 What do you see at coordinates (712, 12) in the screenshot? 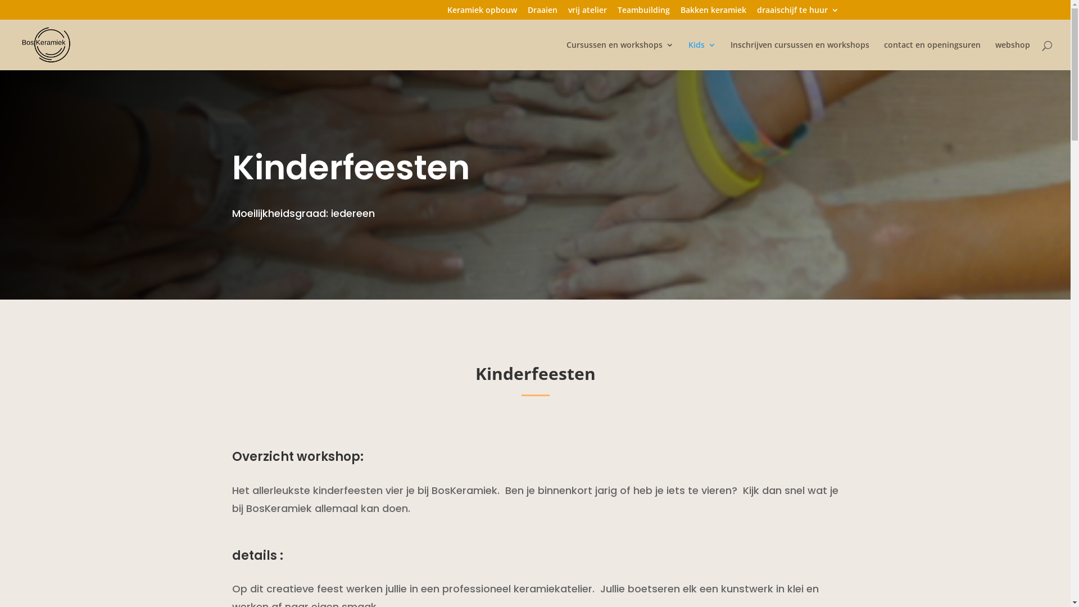
I see `'Bakken keramiek'` at bounding box center [712, 12].